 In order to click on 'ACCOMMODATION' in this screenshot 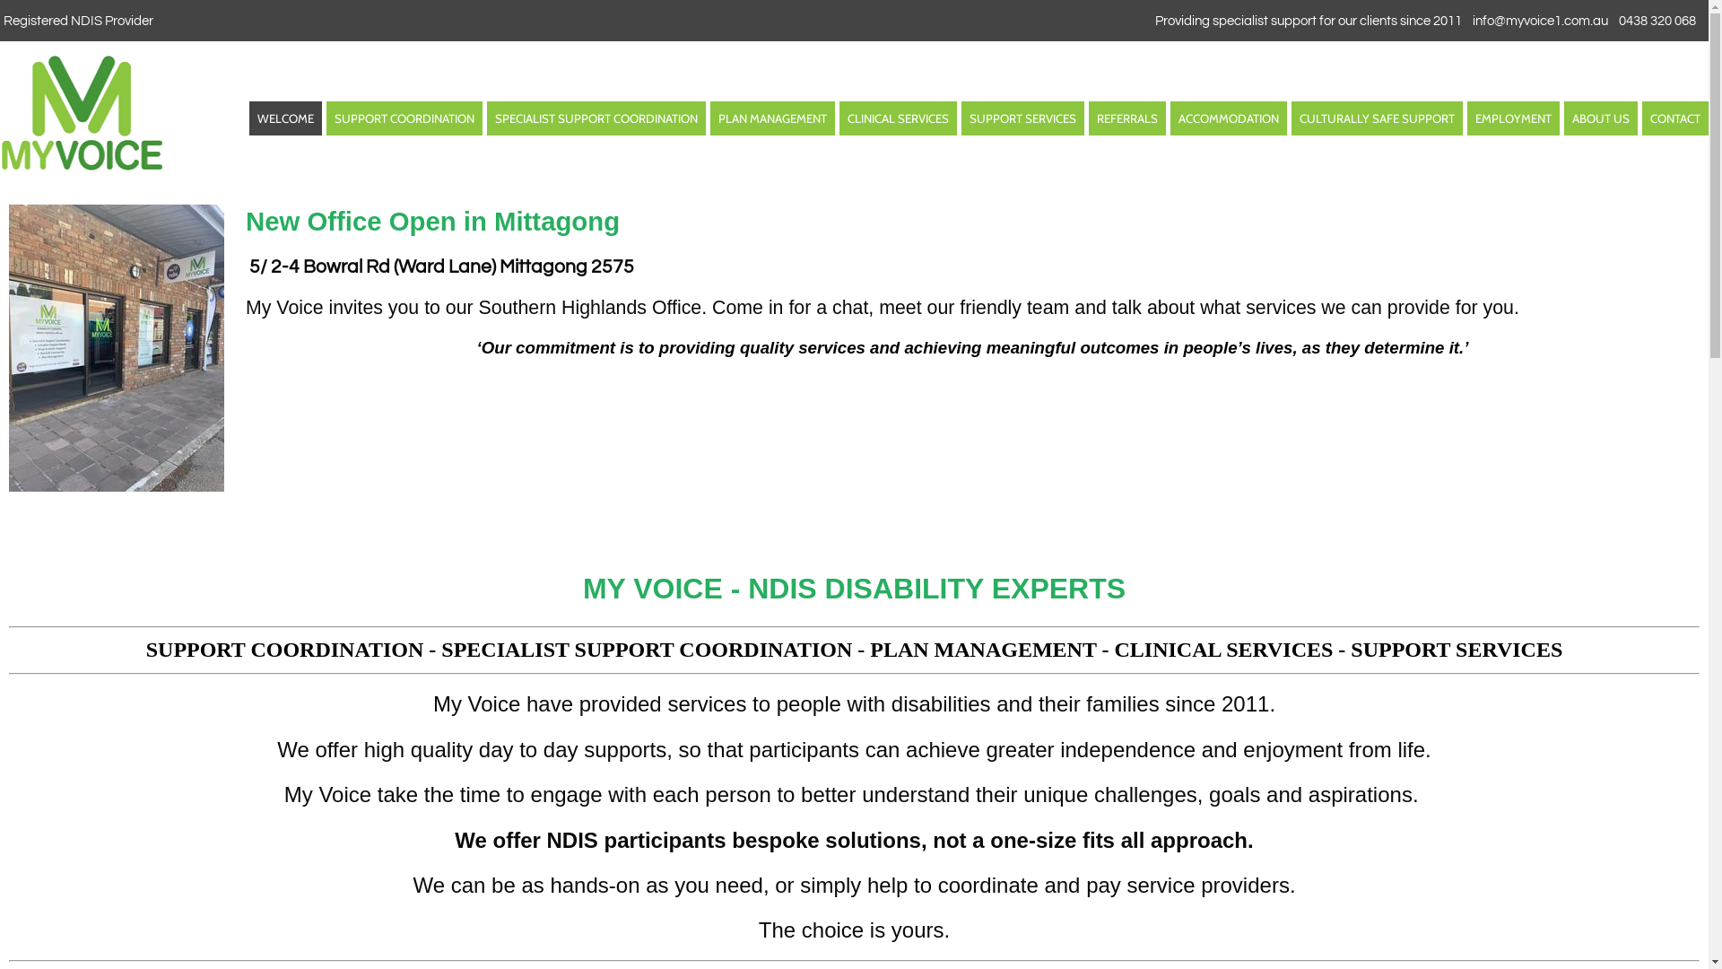, I will do `click(1227, 118)`.